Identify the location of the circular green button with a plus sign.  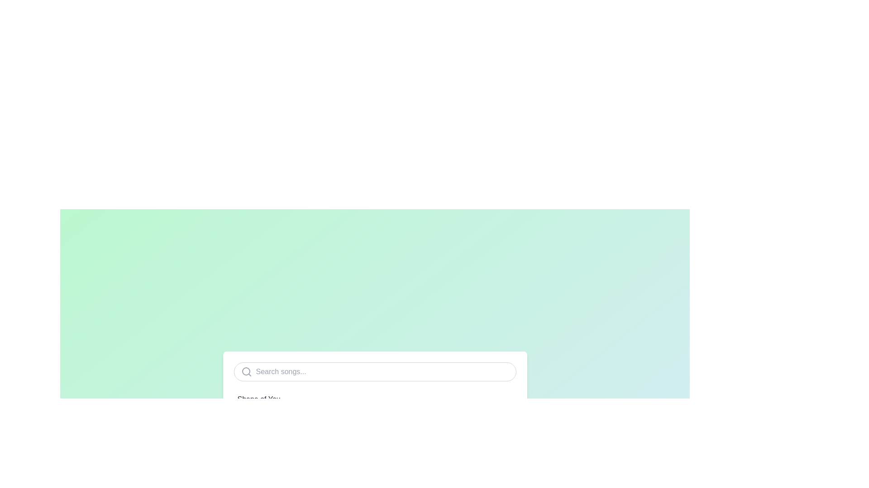
(507, 435).